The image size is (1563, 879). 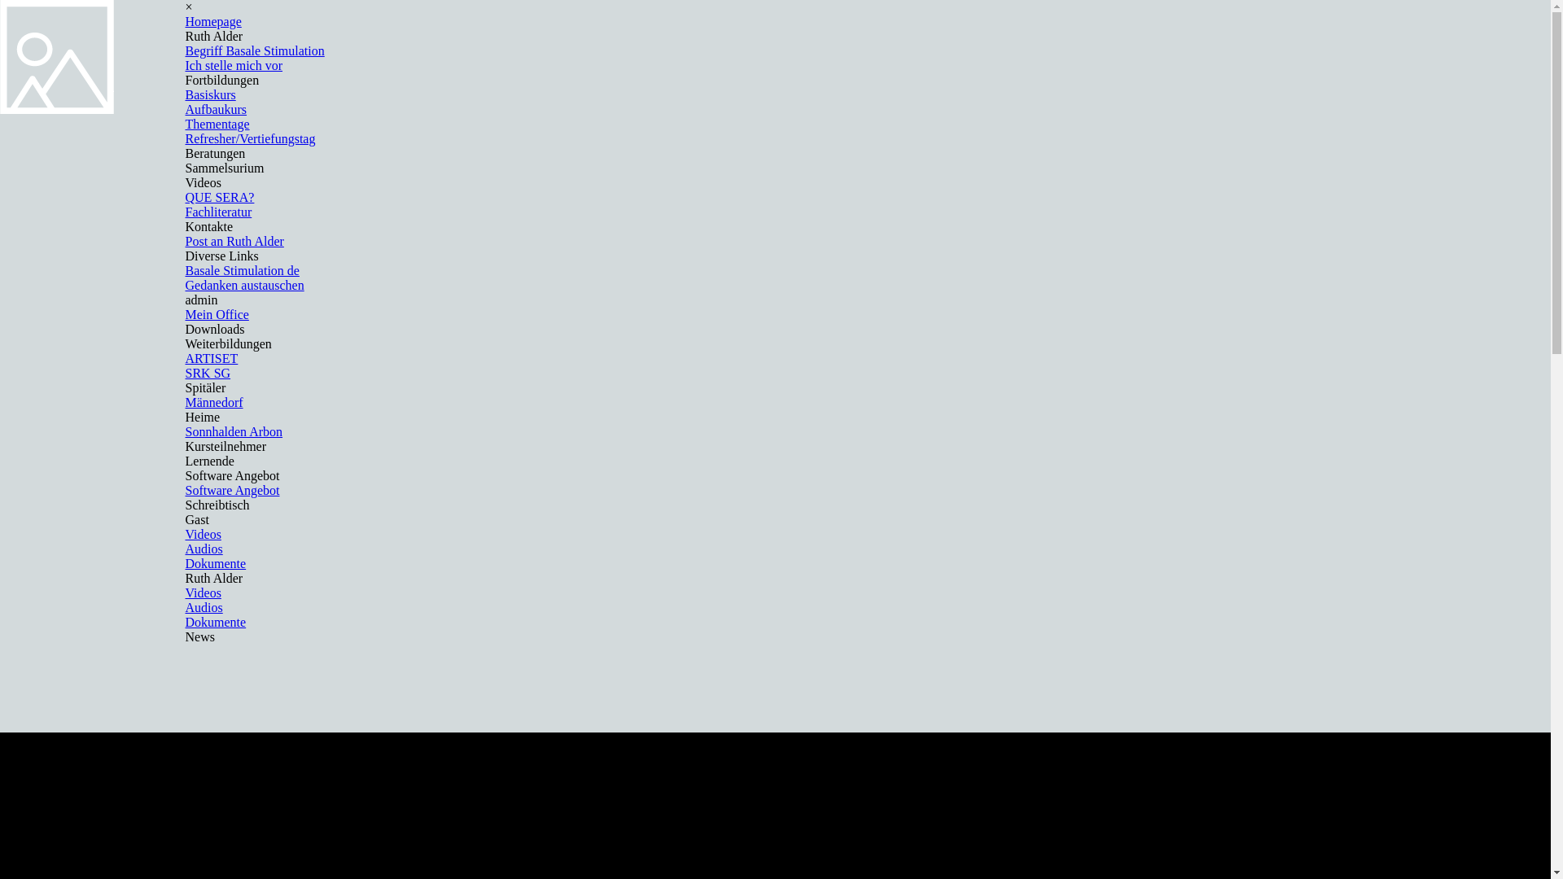 What do you see at coordinates (185, 123) in the screenshot?
I see `'Thementage'` at bounding box center [185, 123].